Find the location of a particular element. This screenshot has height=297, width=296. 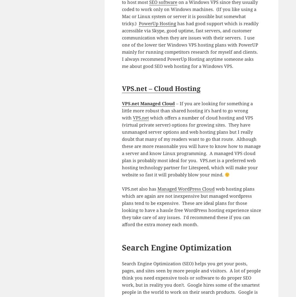

'Managed WordPress Cloud' is located at coordinates (157, 188).